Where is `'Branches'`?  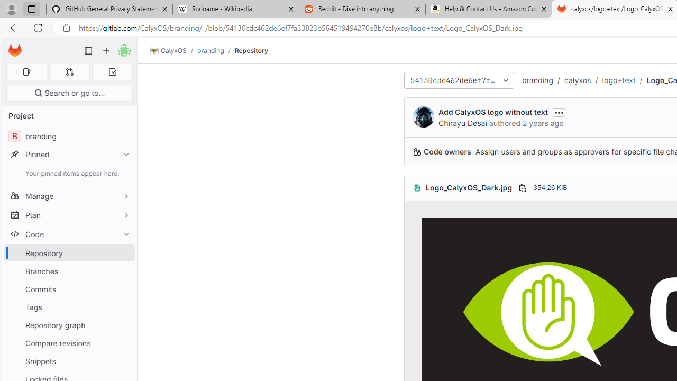 'Branches' is located at coordinates (69, 270).